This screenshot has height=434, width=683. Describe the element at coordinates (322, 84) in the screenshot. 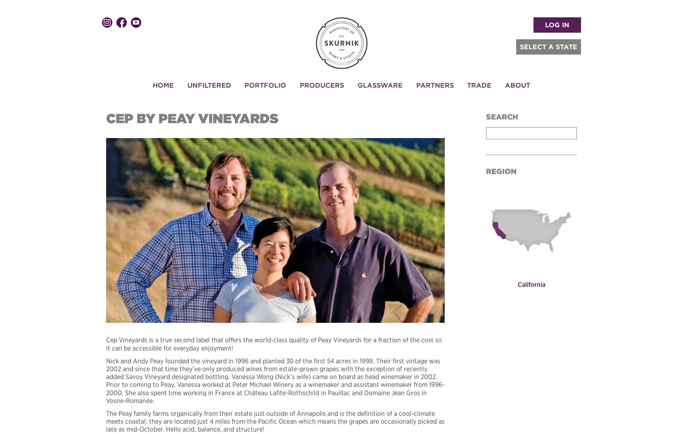

I see `'Producers'` at that location.